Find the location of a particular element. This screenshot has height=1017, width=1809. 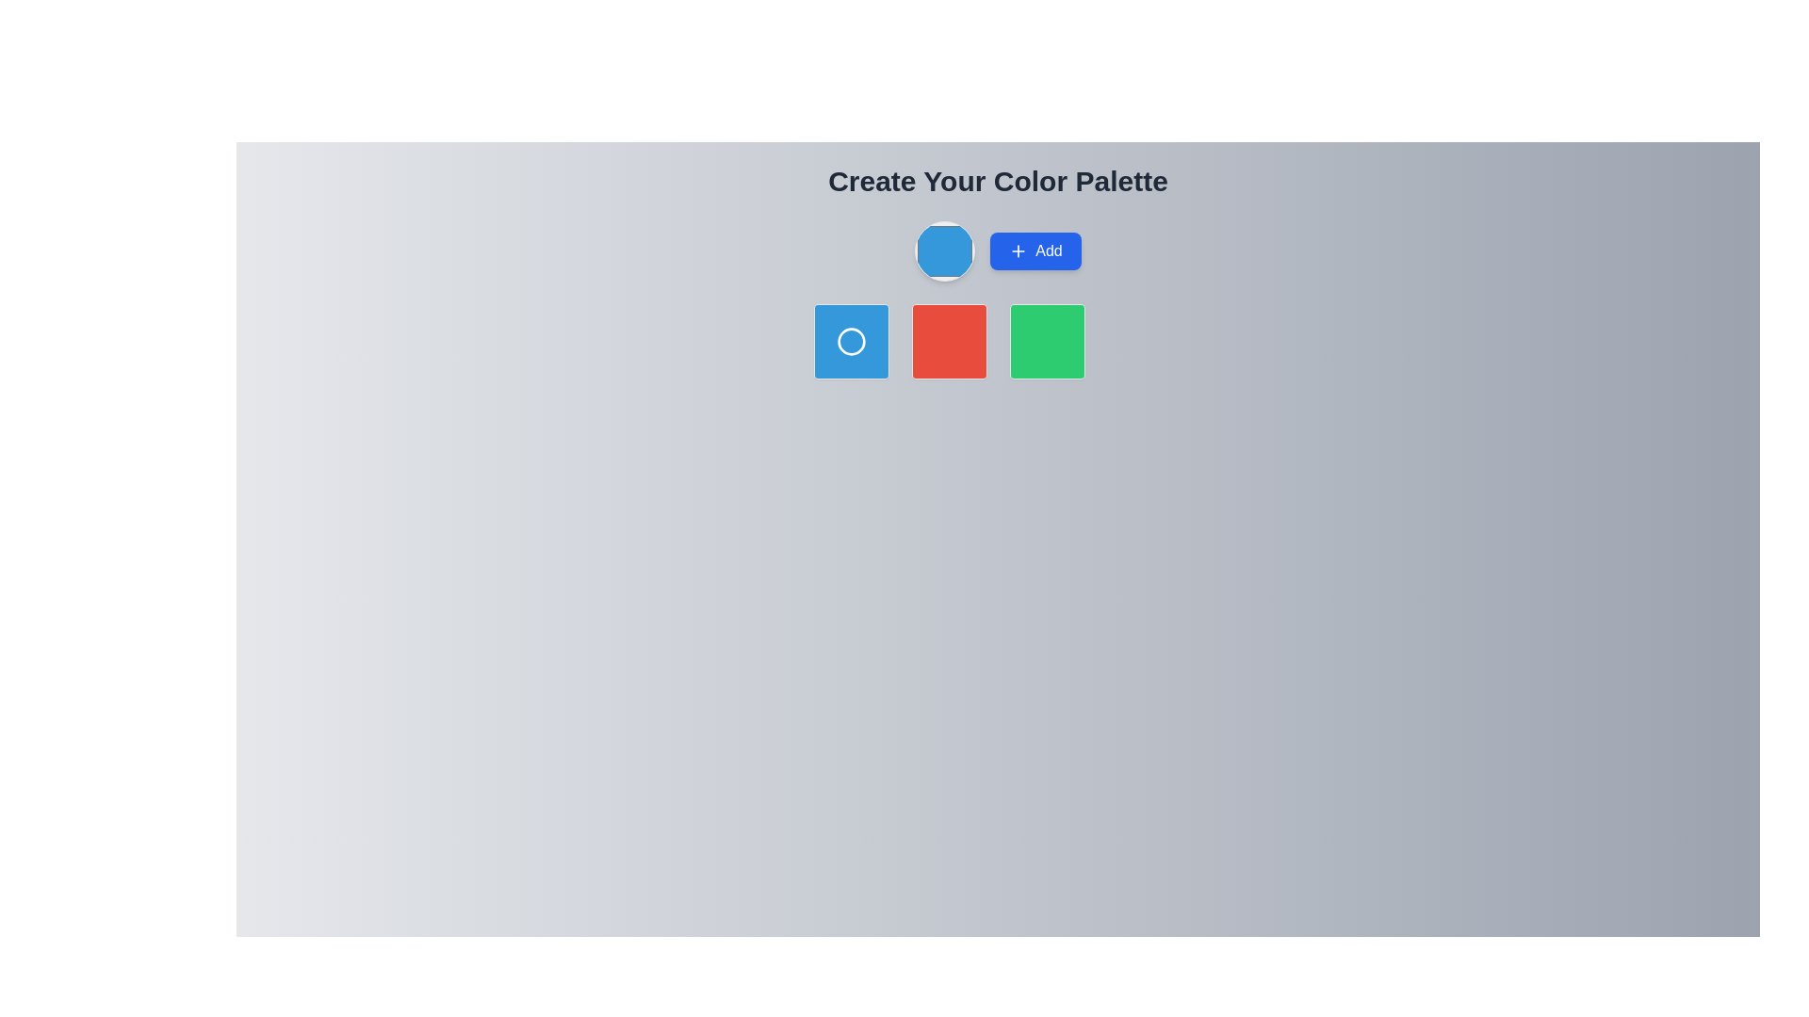

the blue square button with rounded corners and a white circle outline icon, which is the first item in the grid under the 'Create Your Color Palette' header is located at coordinates (850, 341).